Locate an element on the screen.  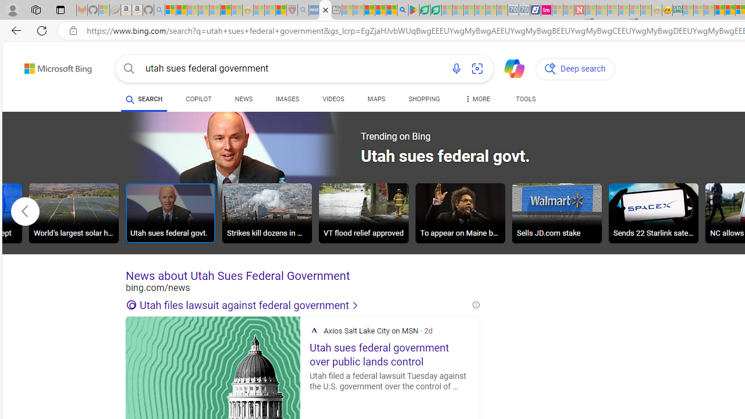
'Sends 22 Starlink satellites' is located at coordinates (654, 213).